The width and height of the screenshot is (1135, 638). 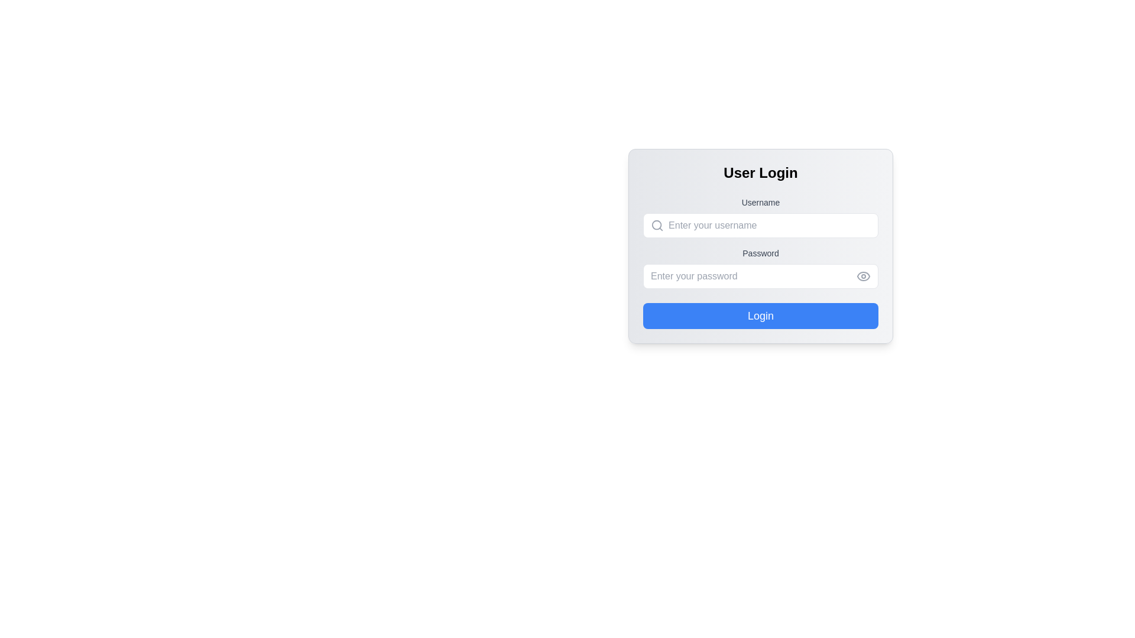 What do you see at coordinates (760, 173) in the screenshot?
I see `the bold, large font text that reads 'User Login', which is centered at the top of the card interface` at bounding box center [760, 173].